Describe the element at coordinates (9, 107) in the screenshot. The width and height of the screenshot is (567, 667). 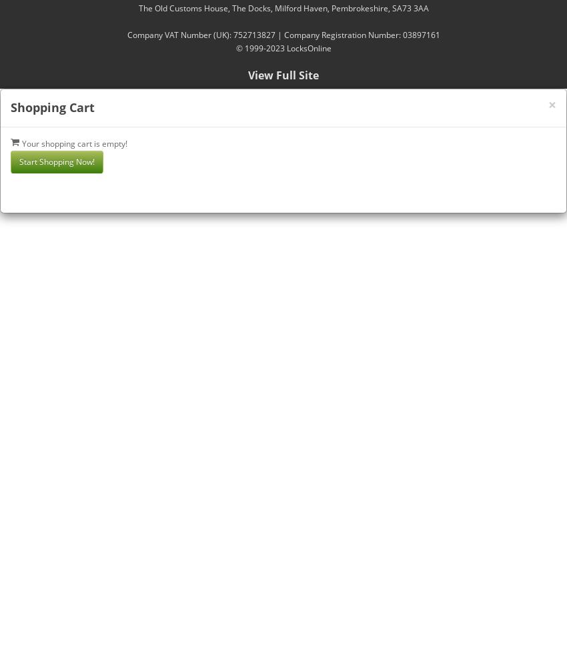
I see `'Shopping Cart'` at that location.